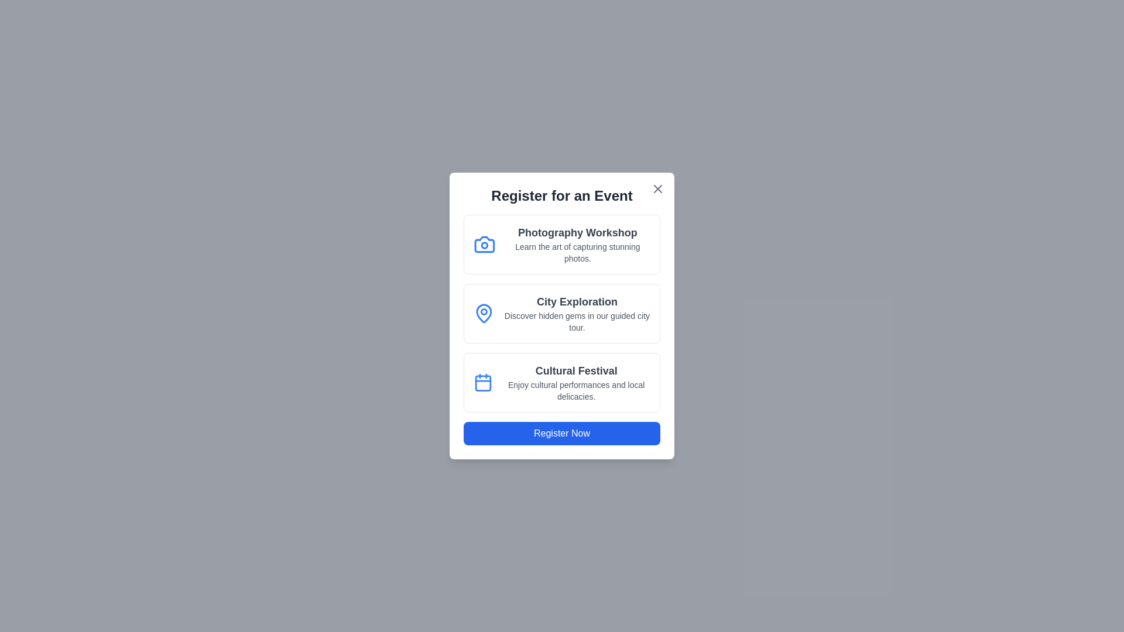 This screenshot has height=632, width=1124. What do you see at coordinates (562, 433) in the screenshot?
I see `'Register Now' button to register for an event` at bounding box center [562, 433].